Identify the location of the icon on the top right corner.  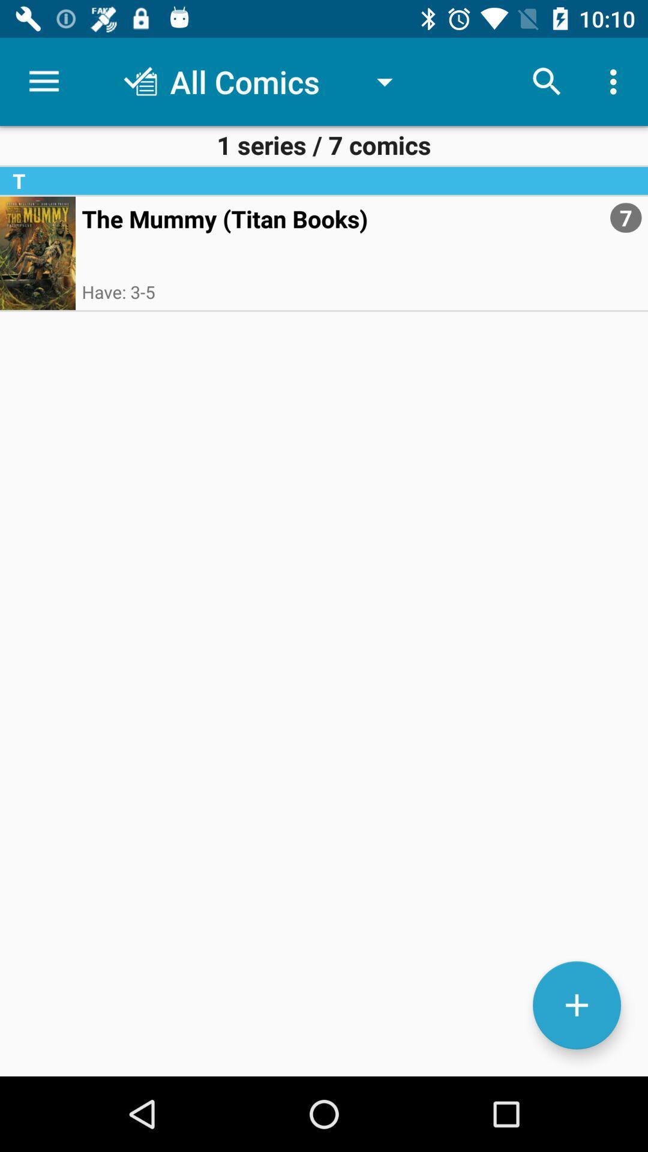
(616, 82).